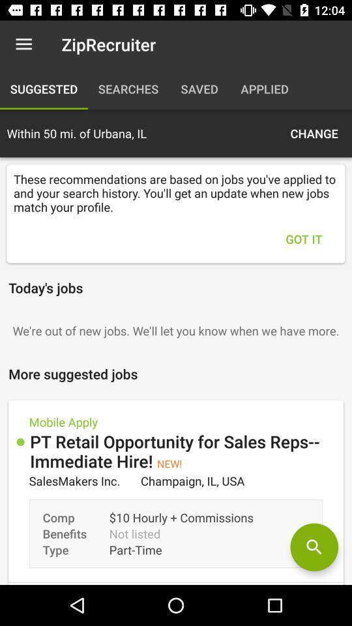  Describe the element at coordinates (23, 44) in the screenshot. I see `icon to the left of ziprecruiter icon` at that location.